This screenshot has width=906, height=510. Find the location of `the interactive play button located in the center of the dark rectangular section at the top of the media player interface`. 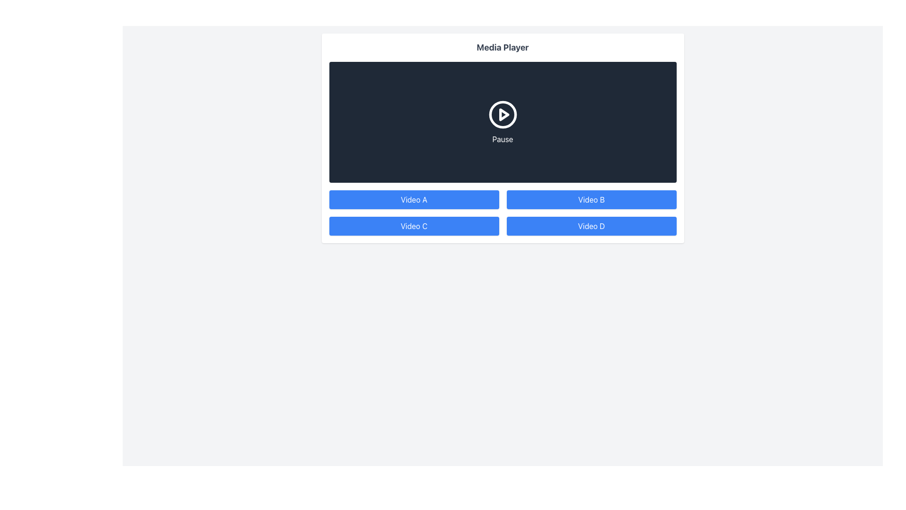

the interactive play button located in the center of the dark rectangular section at the top of the media player interface is located at coordinates (503, 114).